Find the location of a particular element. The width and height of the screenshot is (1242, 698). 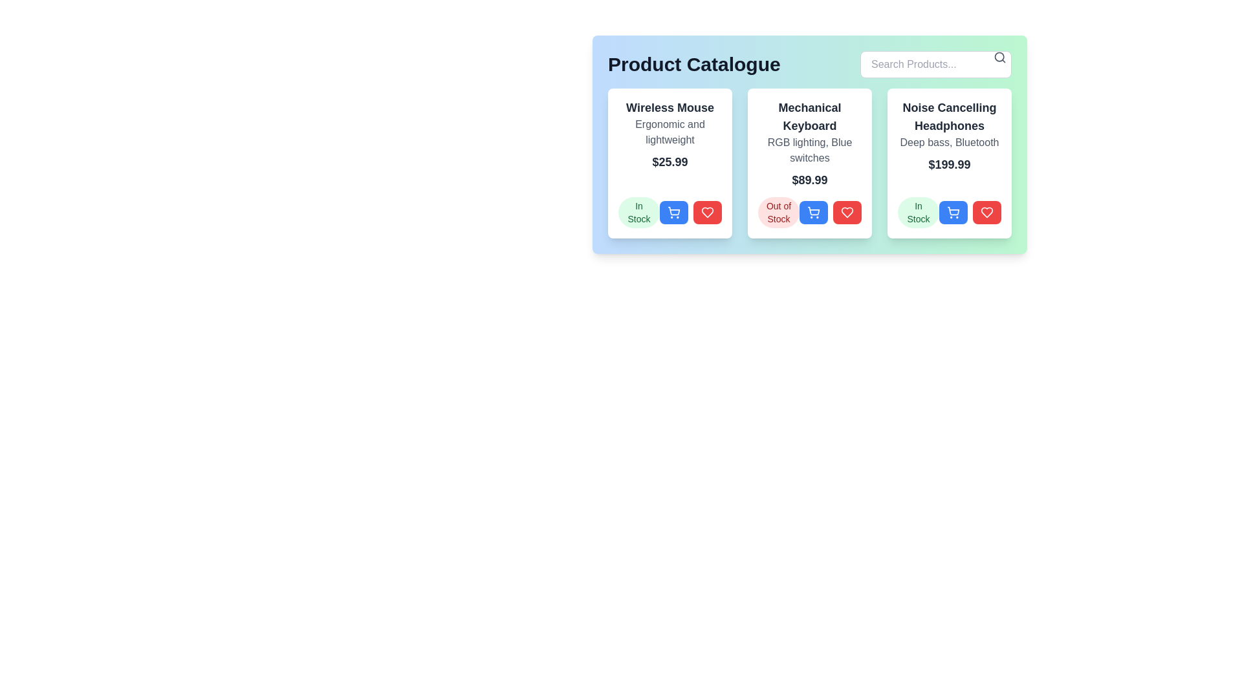

the button with an icon that adds 'Noise Cancelling Headphones' to the shopping cart, located below the 'In Stock' label and to the left of the red heart icon in the product grid is located at coordinates (953, 211).